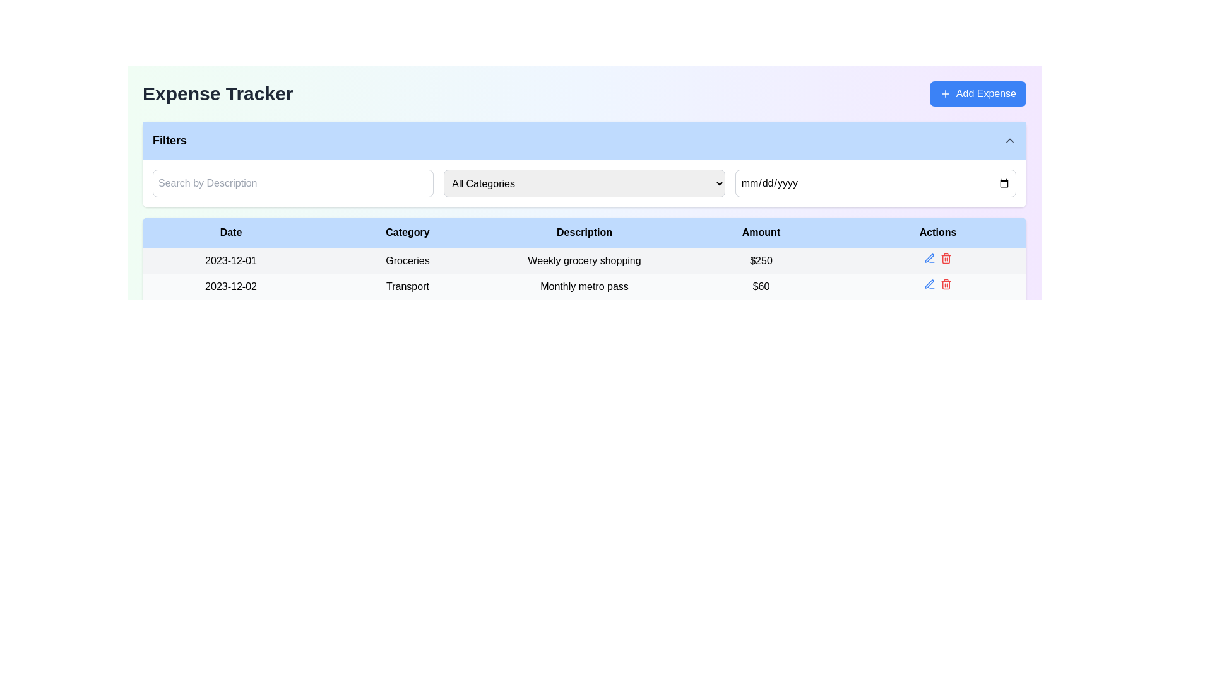 This screenshot has height=681, width=1212. What do you see at coordinates (946, 284) in the screenshot?
I see `the delete button located in the 'Actions' column of the second row of the table to initiate a delete action for the entry 'Transport' with a description of 'Monthly metro pass'` at bounding box center [946, 284].